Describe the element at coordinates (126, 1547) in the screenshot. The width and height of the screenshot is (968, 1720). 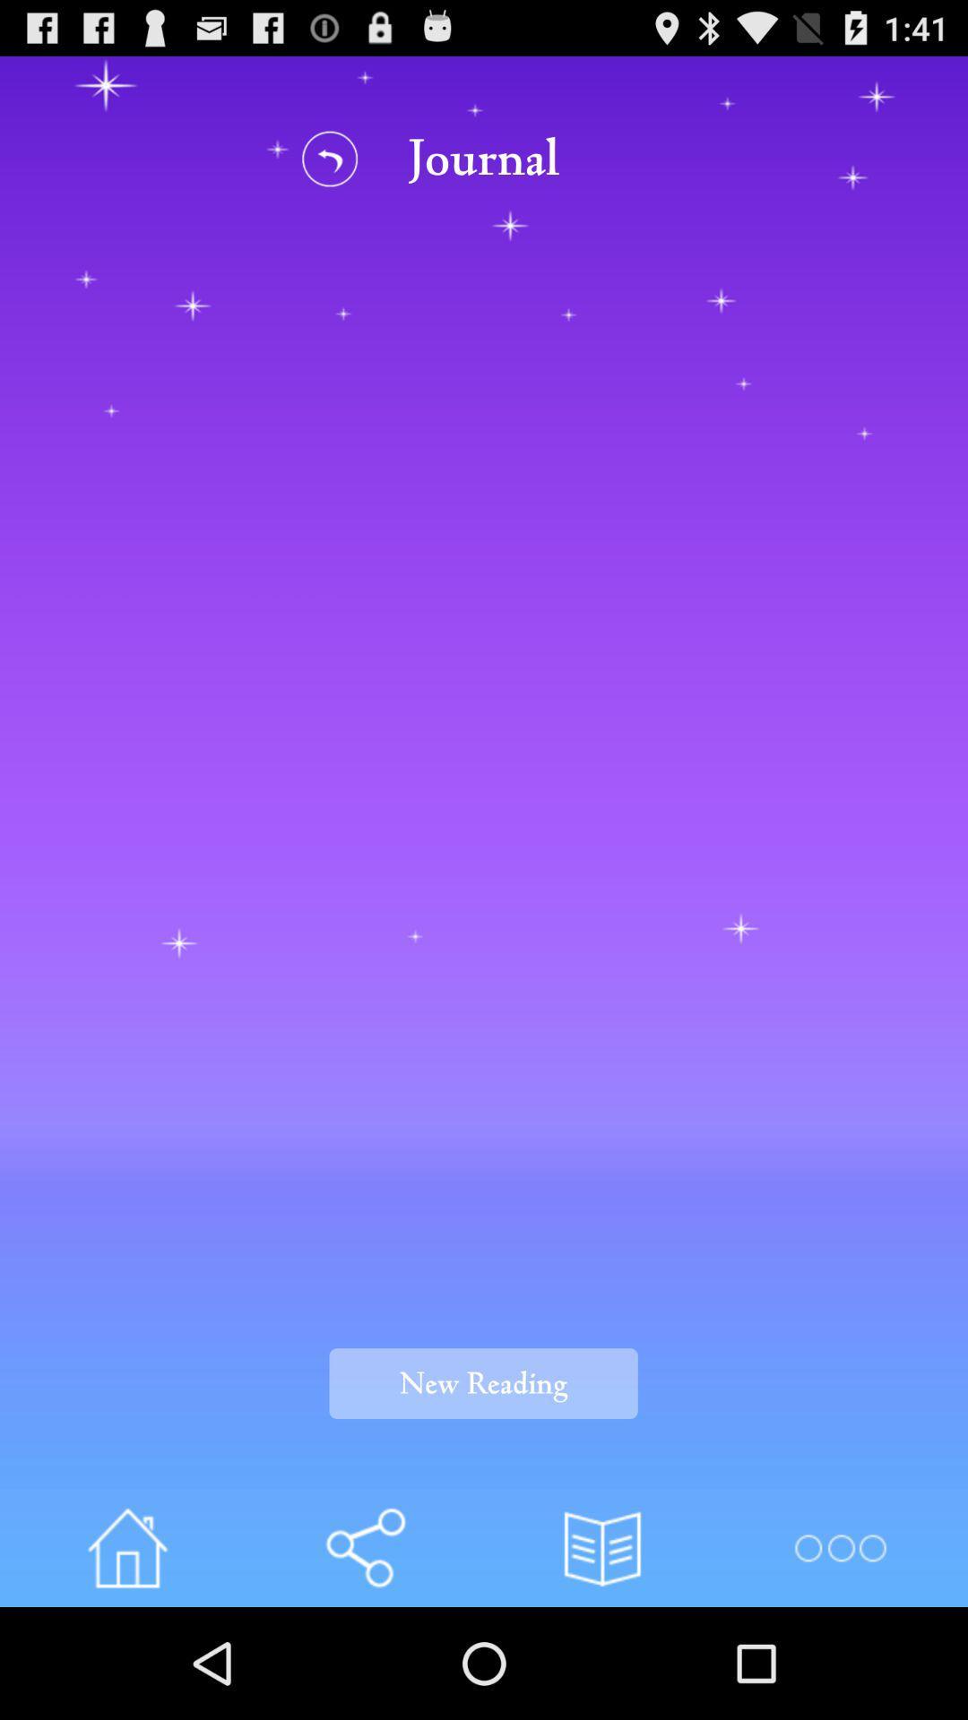
I see `go home` at that location.